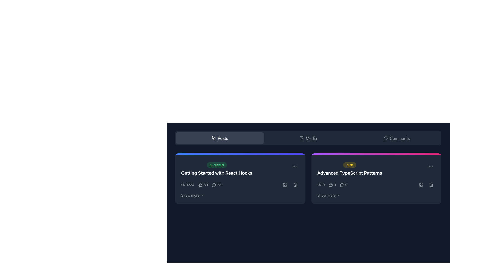  Describe the element at coordinates (203, 185) in the screenshot. I see `numeric display showing '89', which is the second metric in a series of engagement feedback metrics, located next to a thumbs-up icon` at that location.